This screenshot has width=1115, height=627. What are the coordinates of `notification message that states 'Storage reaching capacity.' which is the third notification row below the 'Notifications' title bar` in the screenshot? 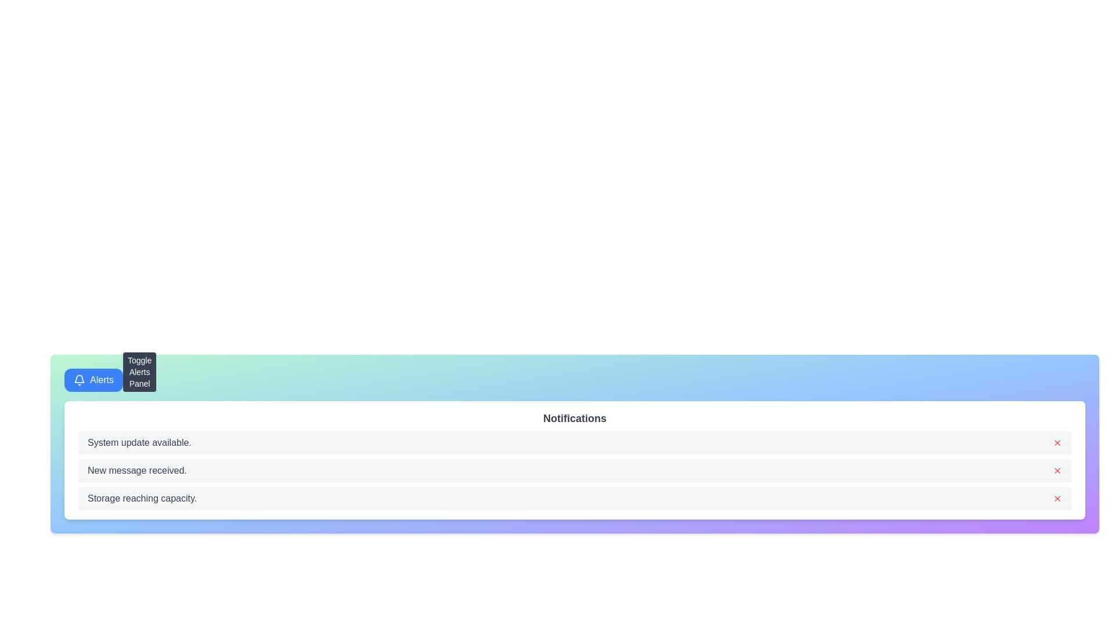 It's located at (574, 498).